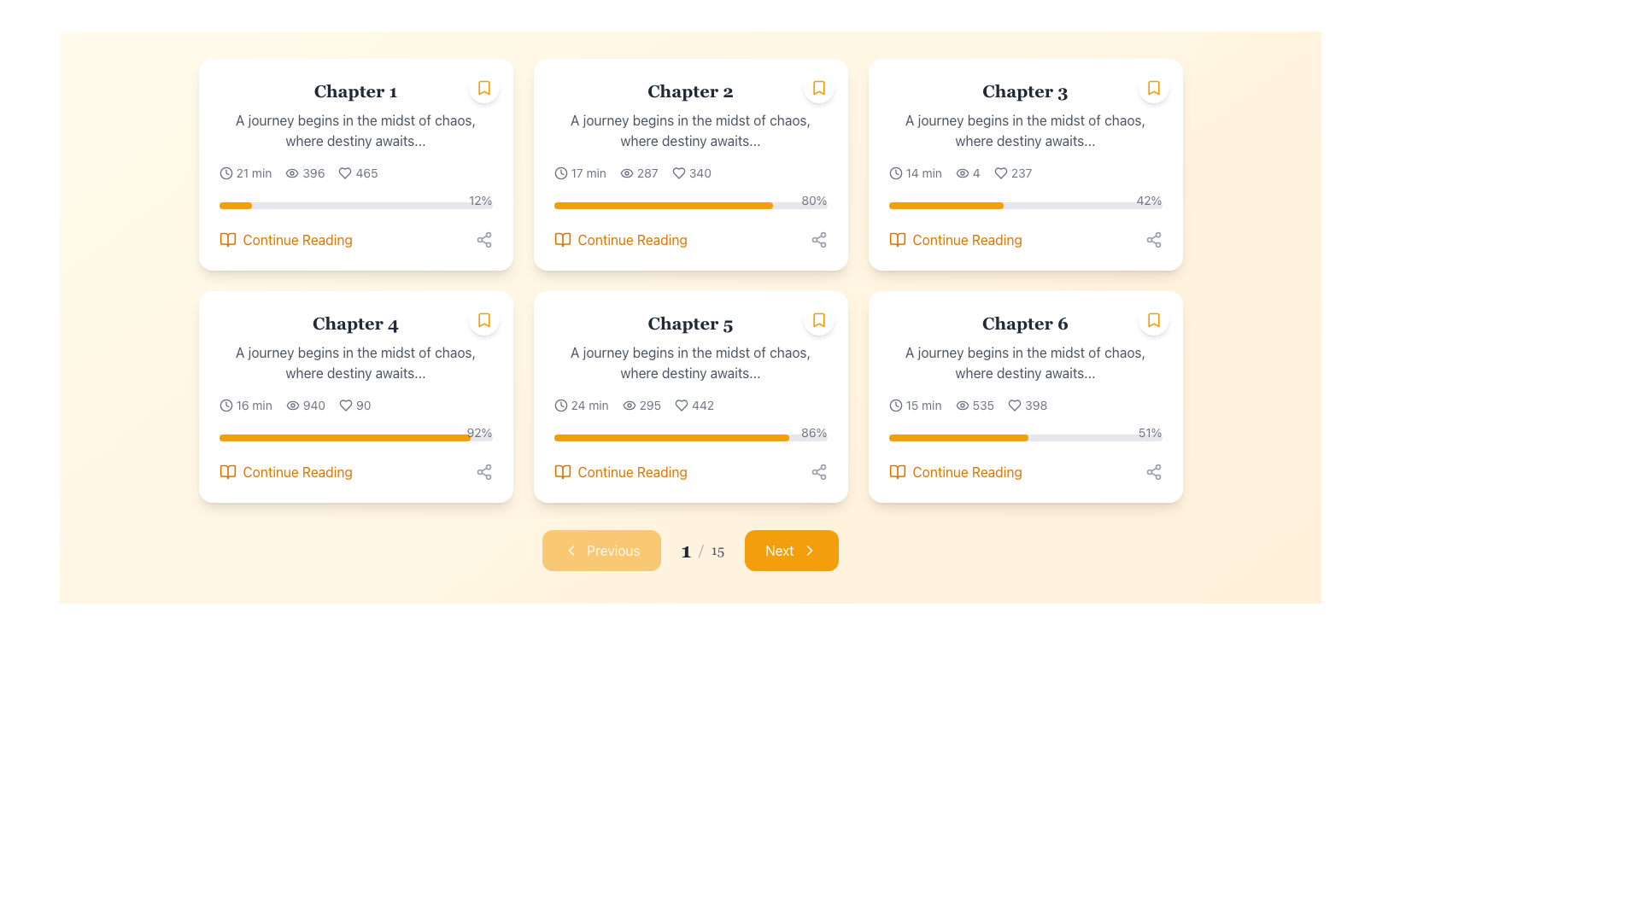 The image size is (1640, 922). What do you see at coordinates (808, 550) in the screenshot?
I see `the right-facing chevron arrow icon within the 'Next' button` at bounding box center [808, 550].